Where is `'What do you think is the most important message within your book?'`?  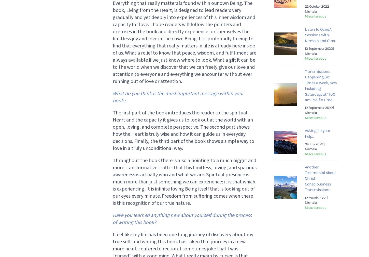 'What do you think is the most important message within your book?' is located at coordinates (112, 97).